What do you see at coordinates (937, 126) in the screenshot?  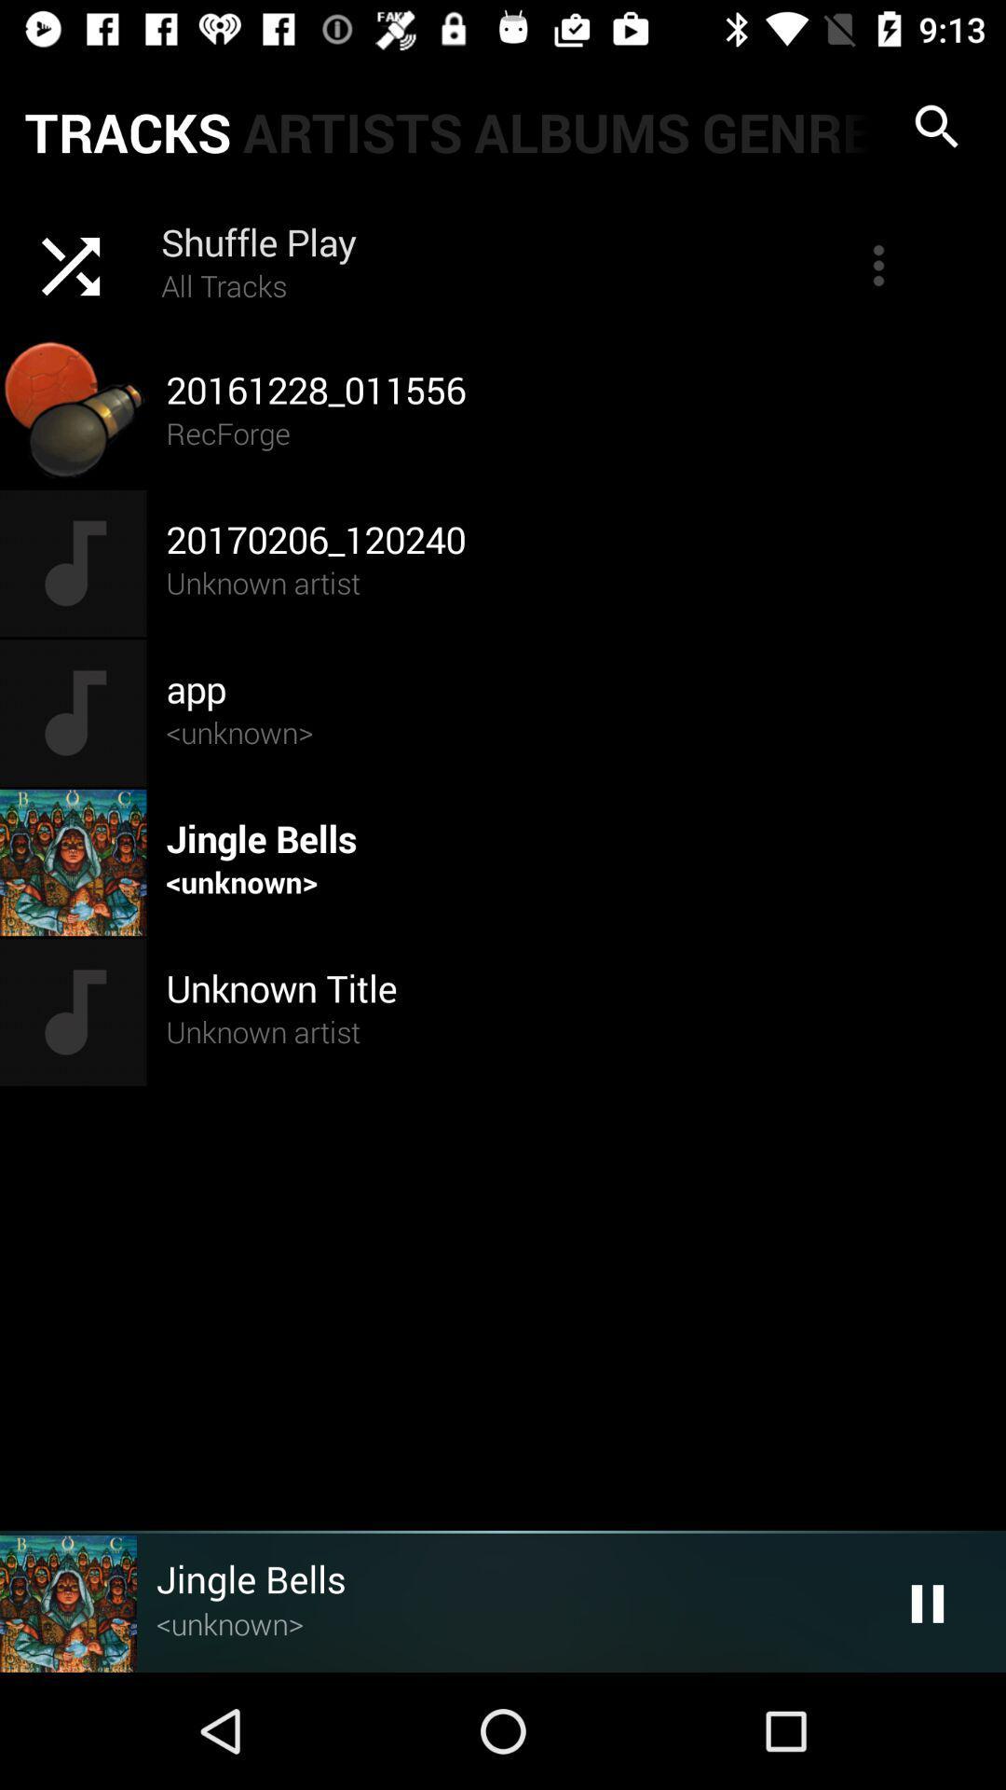 I see `the search icon` at bounding box center [937, 126].